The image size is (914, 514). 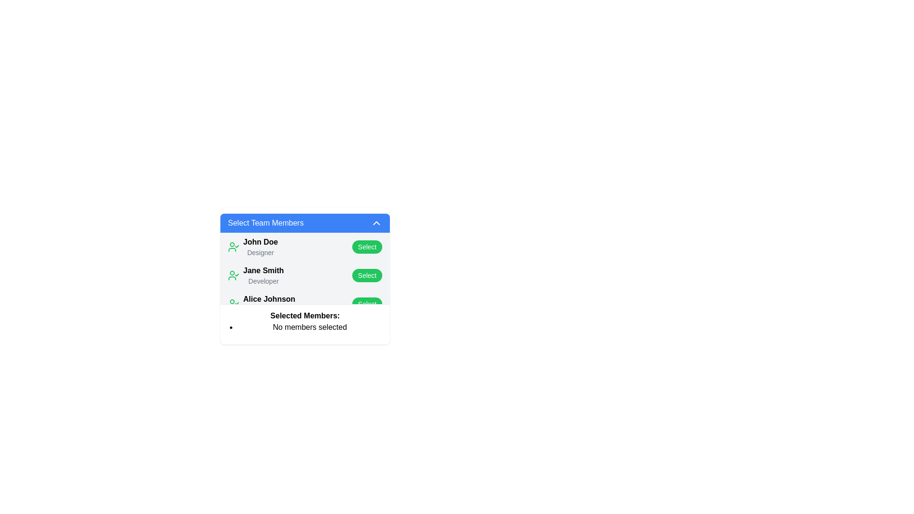 What do you see at coordinates (266, 223) in the screenshot?
I see `the static text element labeled 'Select Team Members', which is styled in bold white font on a blue background, located at the header area of a dropdown component` at bounding box center [266, 223].